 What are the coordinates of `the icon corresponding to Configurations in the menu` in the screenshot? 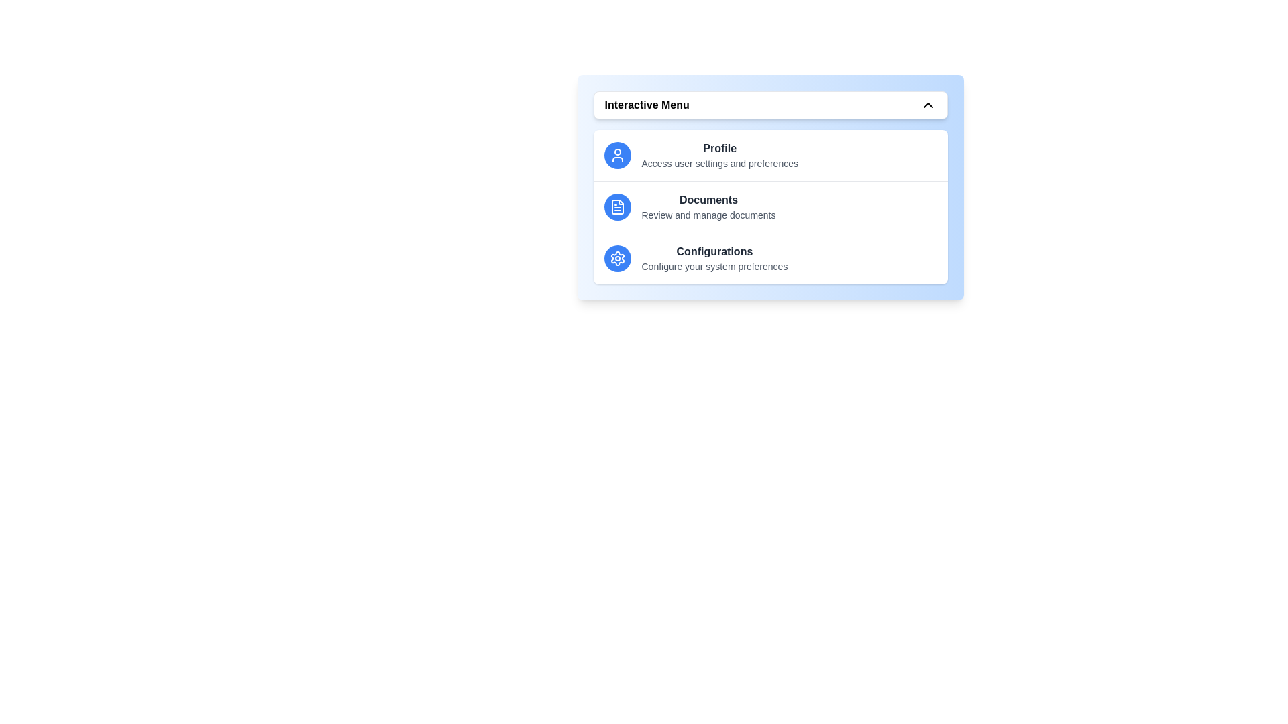 It's located at (616, 258).